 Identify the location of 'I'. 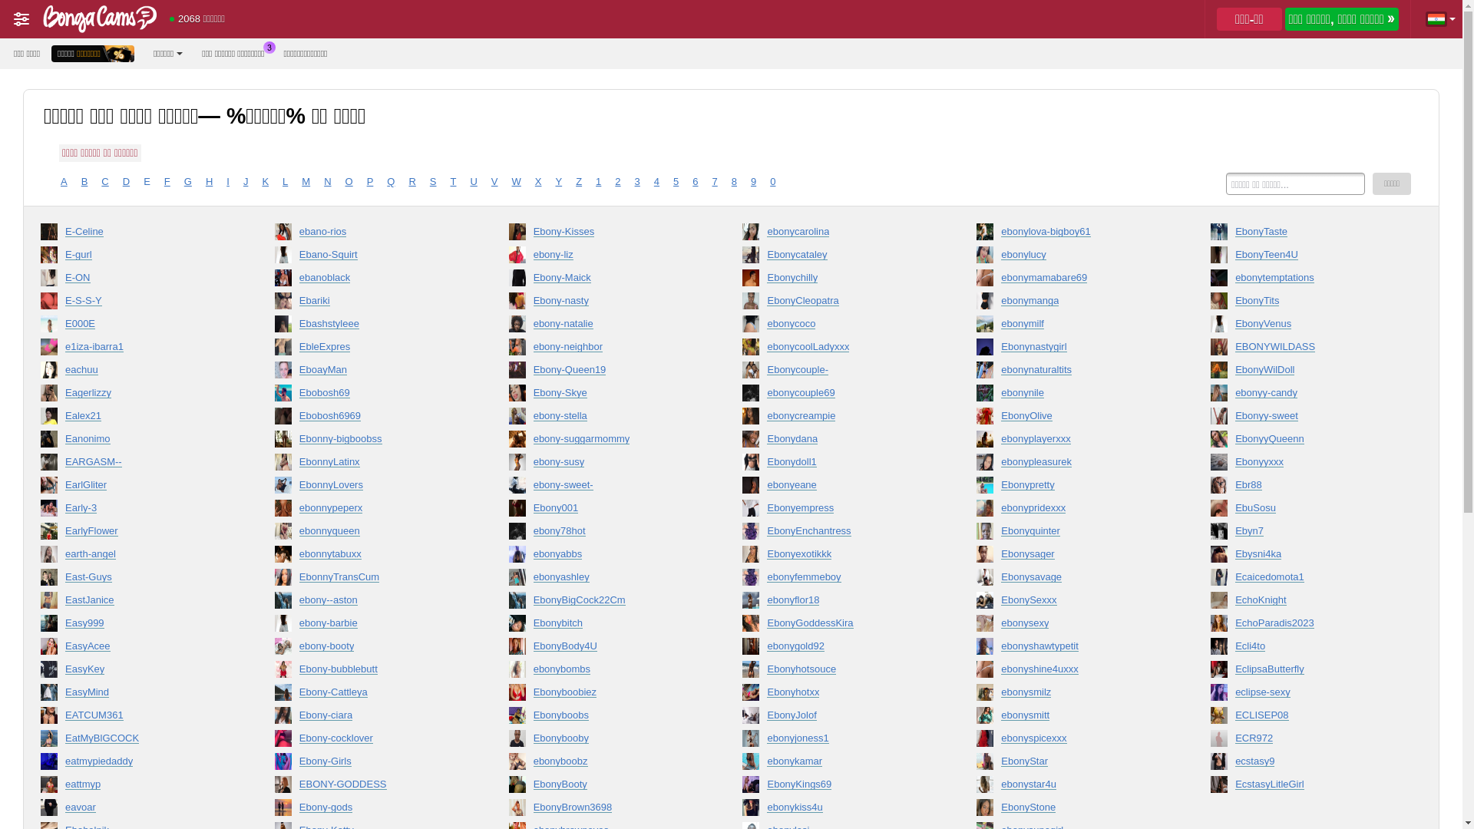
(225, 180).